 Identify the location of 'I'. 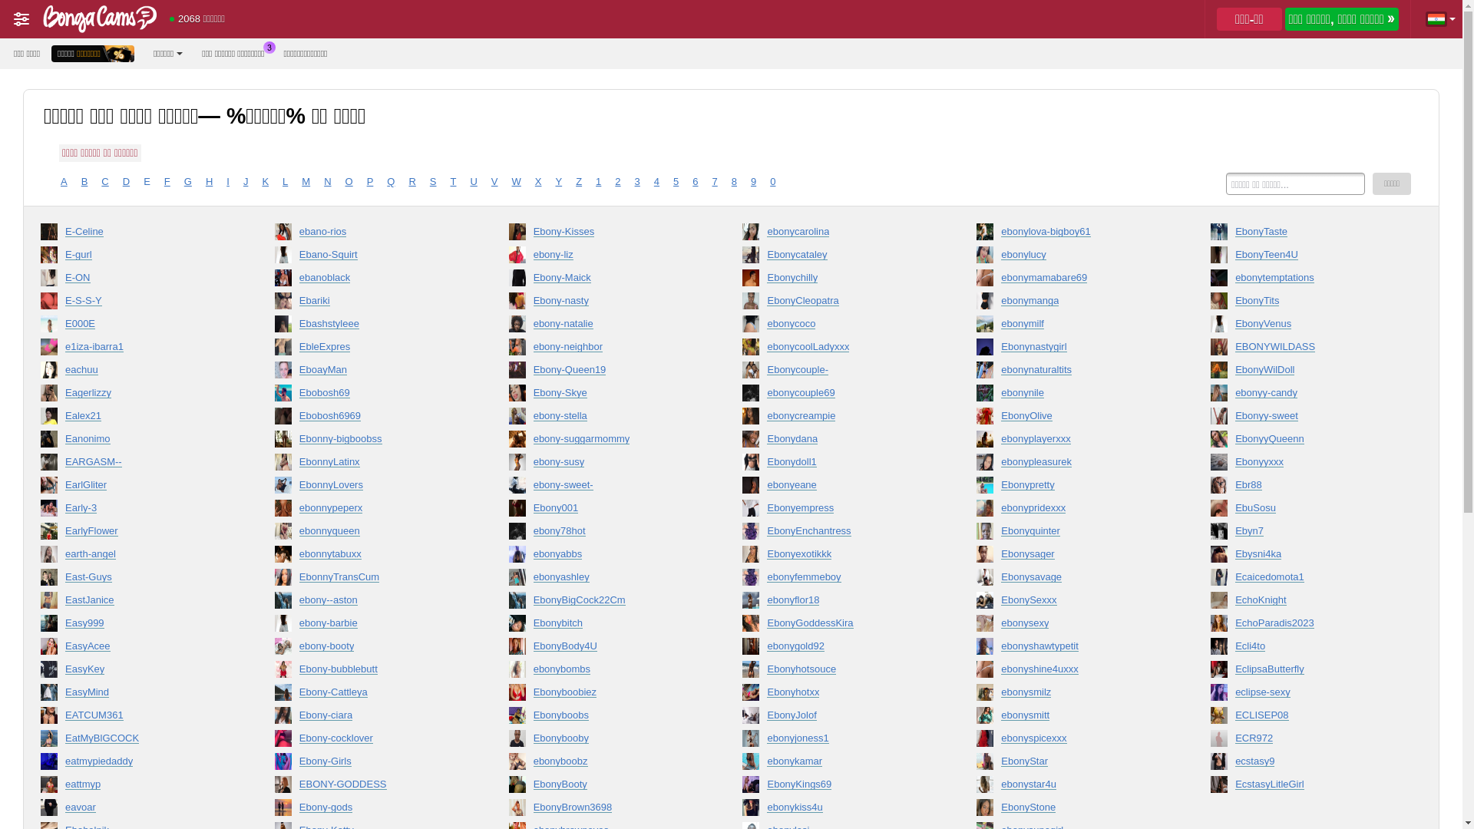
(225, 180).